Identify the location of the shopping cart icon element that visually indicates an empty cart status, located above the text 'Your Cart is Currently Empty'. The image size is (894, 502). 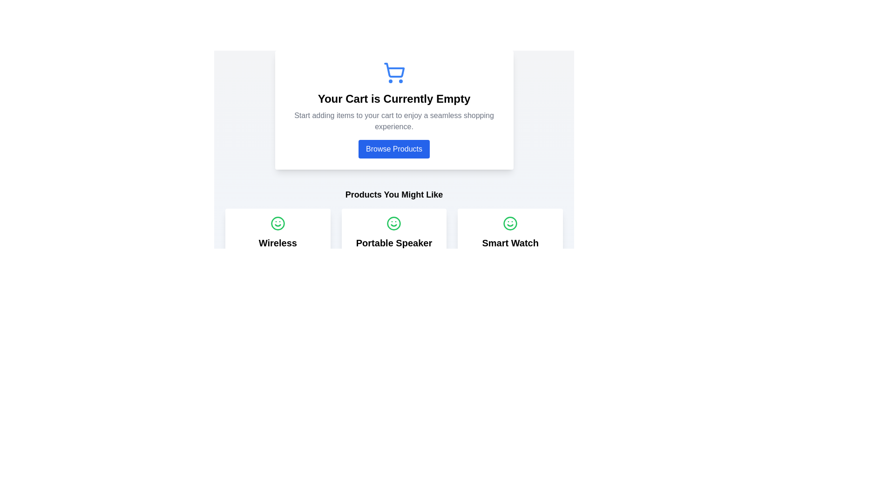
(394, 70).